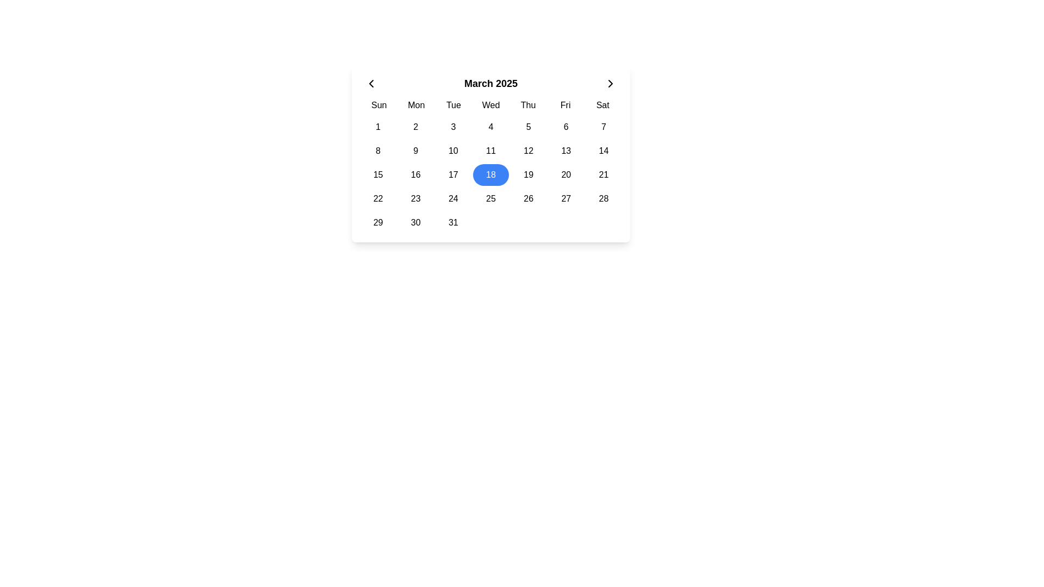 Image resolution: width=1044 pixels, height=587 pixels. What do you see at coordinates (453, 105) in the screenshot?
I see `the text label displaying 'Tue', which is the third item in a horizontally aligned list of weekday names` at bounding box center [453, 105].